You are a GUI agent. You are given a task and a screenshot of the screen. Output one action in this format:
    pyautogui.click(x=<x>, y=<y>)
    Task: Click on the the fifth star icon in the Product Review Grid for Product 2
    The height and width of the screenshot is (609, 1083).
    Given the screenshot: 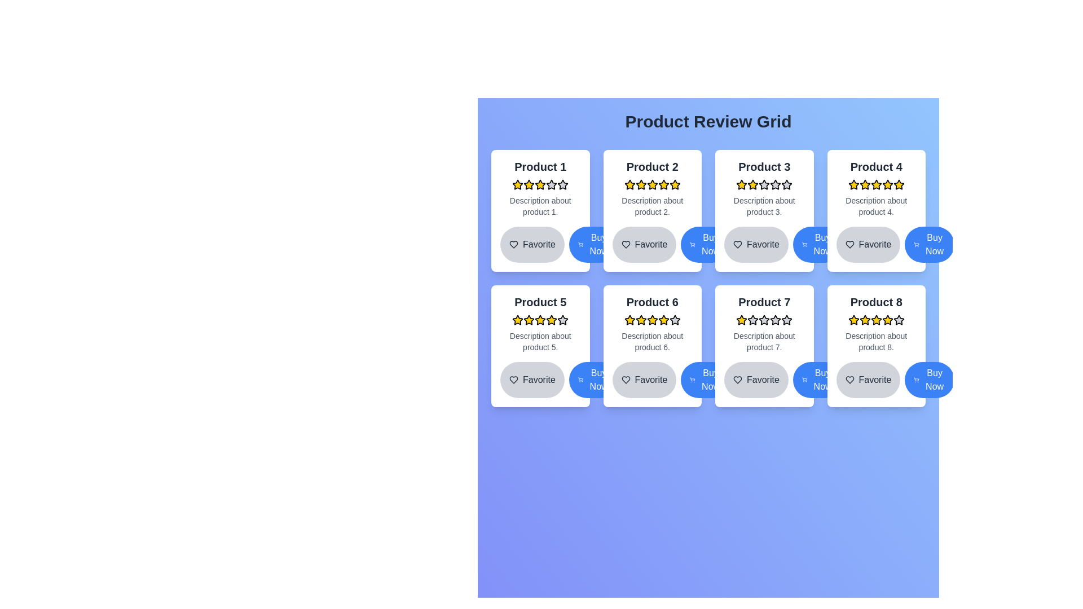 What is the action you would take?
    pyautogui.click(x=675, y=184)
    